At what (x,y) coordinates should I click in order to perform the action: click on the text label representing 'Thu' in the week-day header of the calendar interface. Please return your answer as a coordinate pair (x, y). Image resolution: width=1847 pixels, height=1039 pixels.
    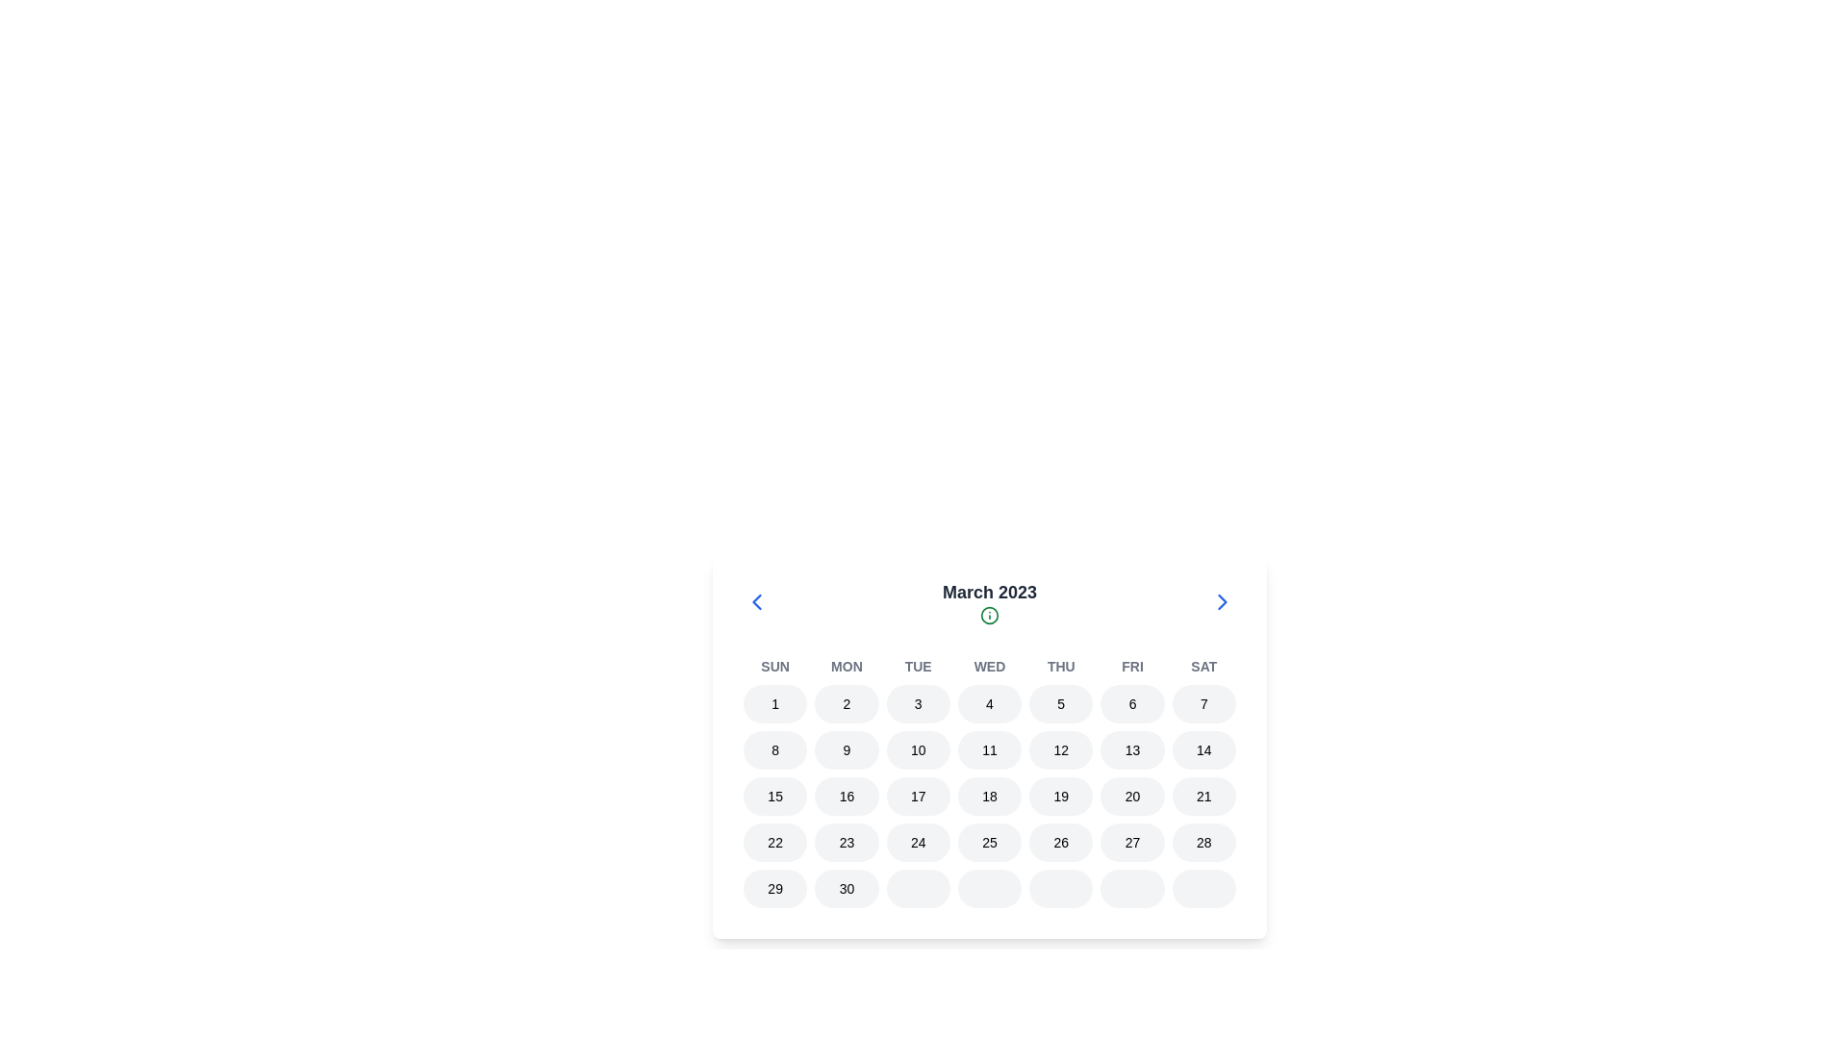
    Looking at the image, I should click on (1060, 666).